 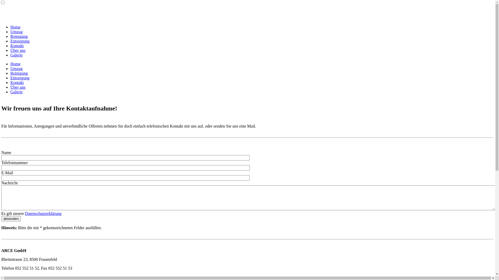 What do you see at coordinates (19, 73) in the screenshot?
I see `'Reinigung'` at bounding box center [19, 73].